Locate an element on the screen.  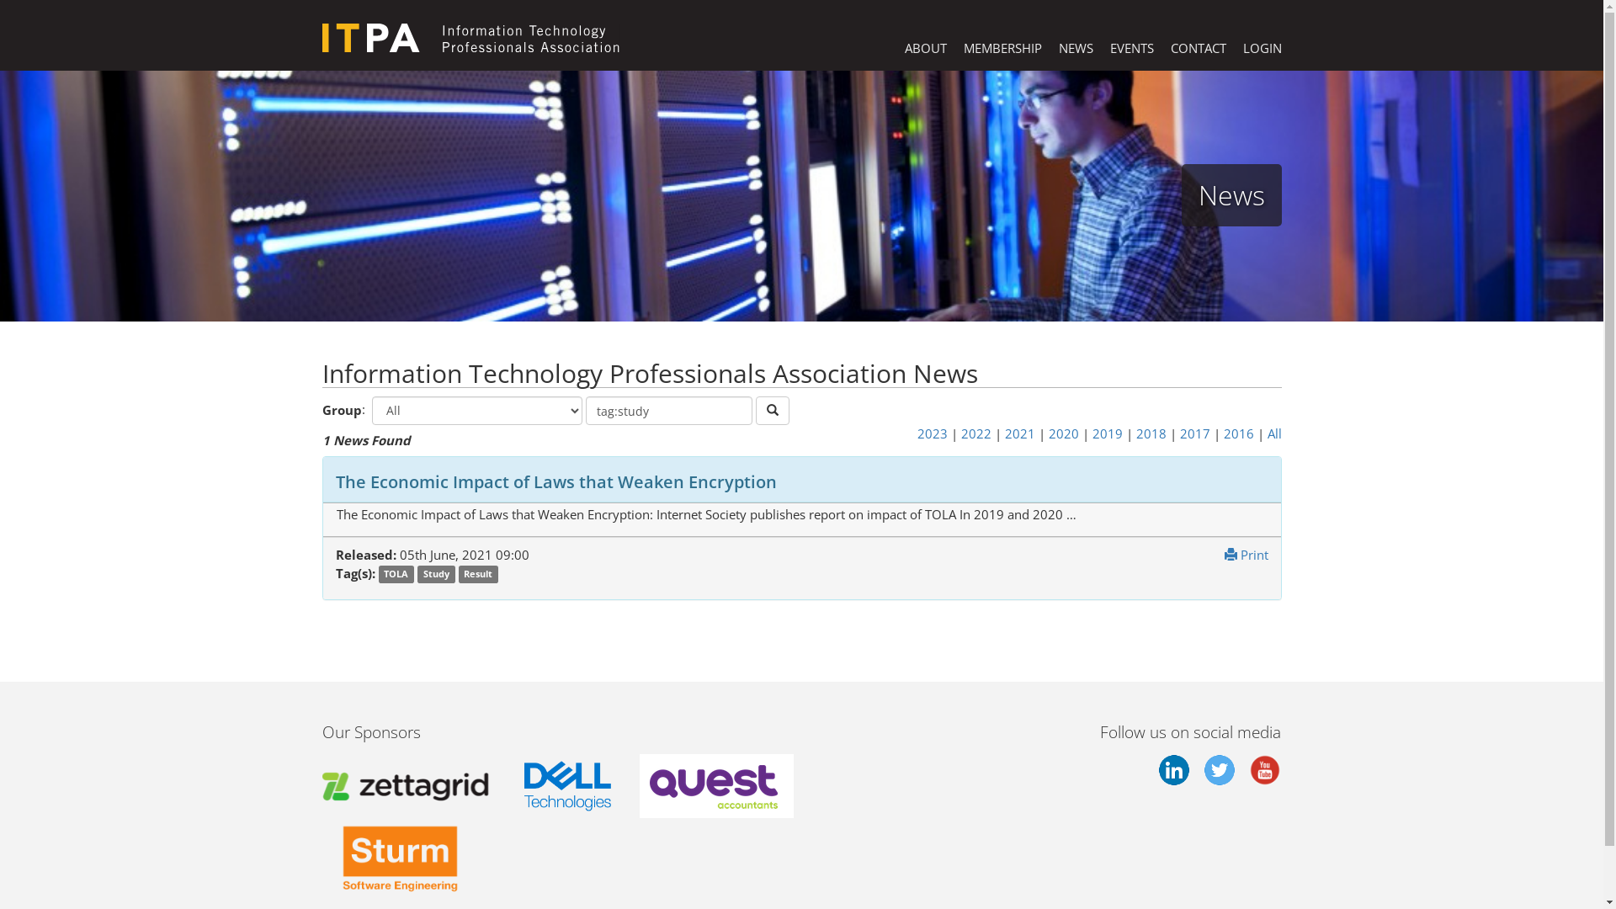
'LOGIN' is located at coordinates (1261, 47).